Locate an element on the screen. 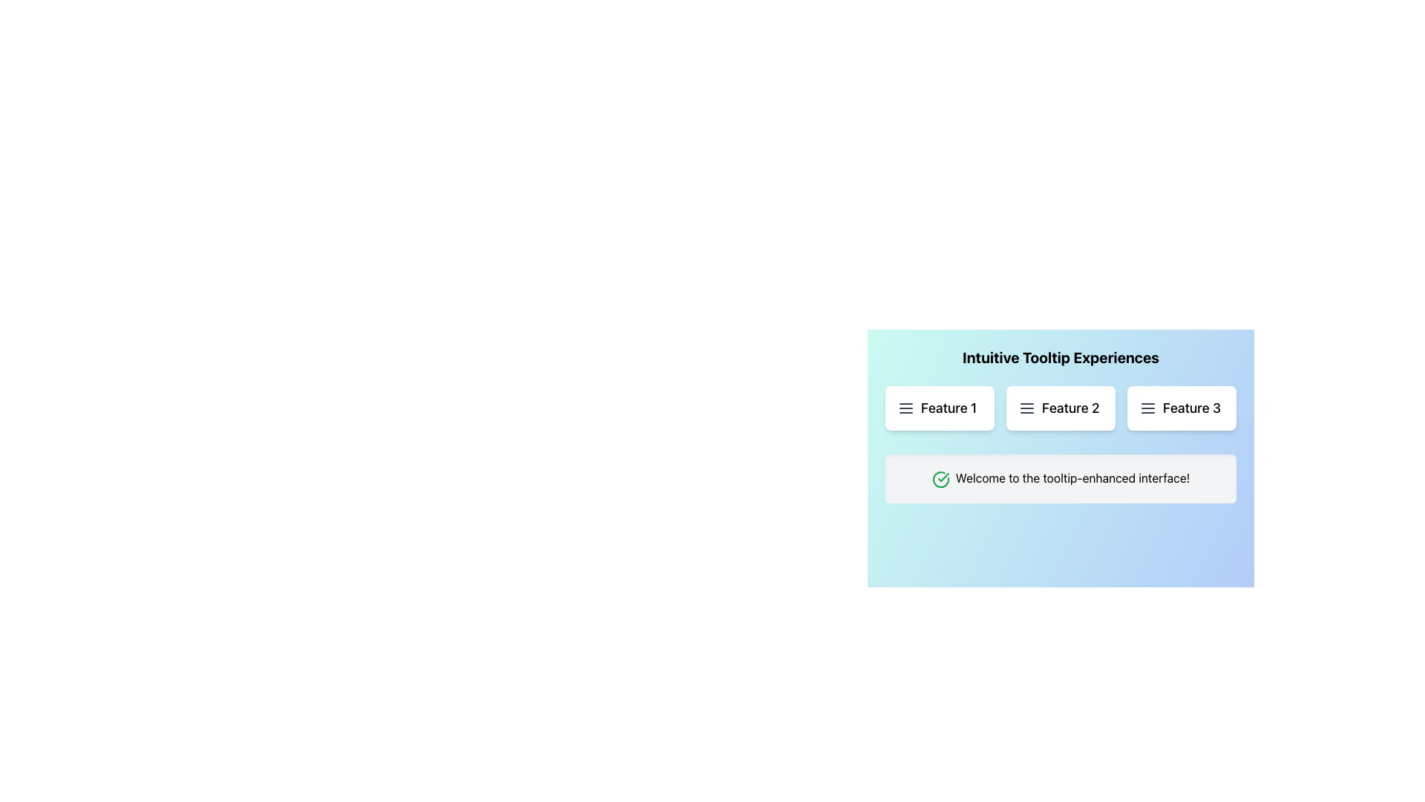 This screenshot has width=1425, height=802. the 'Feature 1' button, which consists of a text label and a graphical icon of three horizontal lines is located at coordinates (939, 408).